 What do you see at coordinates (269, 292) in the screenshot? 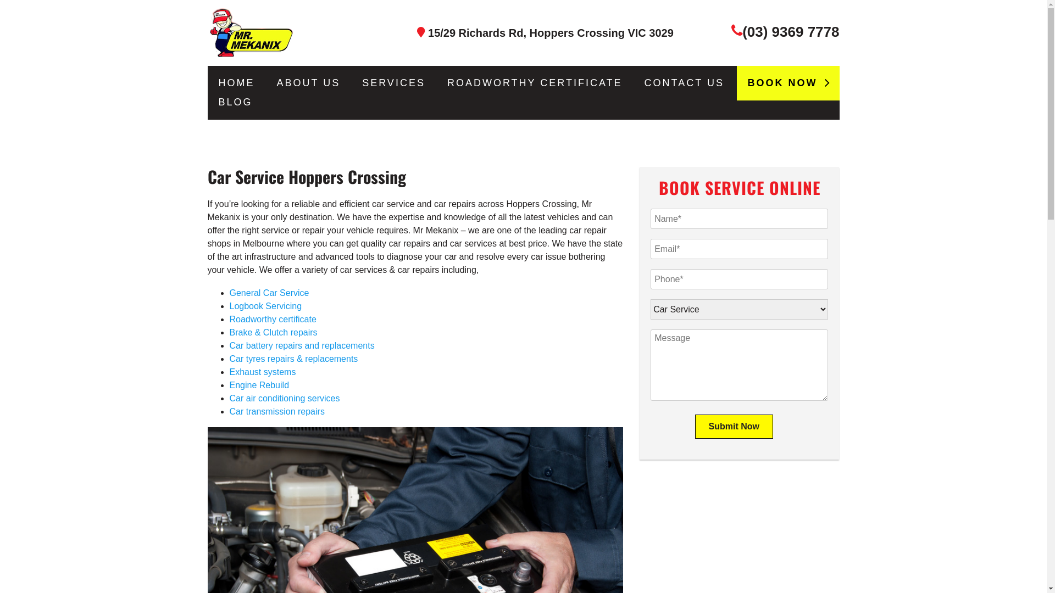
I see `'General Car Service'` at bounding box center [269, 292].